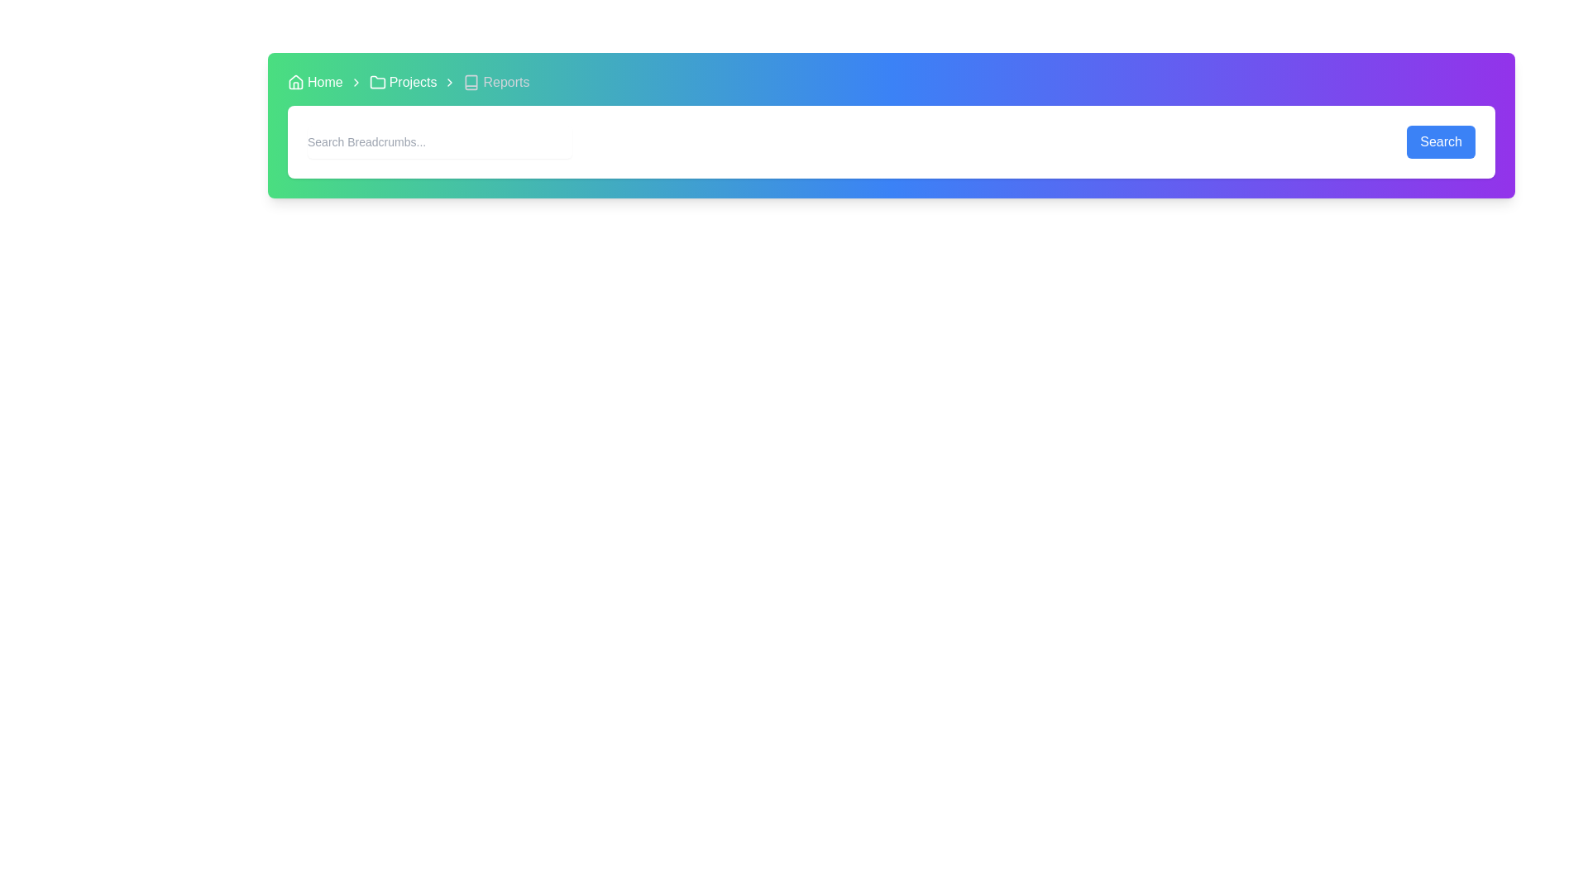 The width and height of the screenshot is (1588, 893). I want to click on the folder icon in the breadcrumb navigation bar, which is styled with a thin stroke line and located to the left of 'Projects', so click(376, 83).